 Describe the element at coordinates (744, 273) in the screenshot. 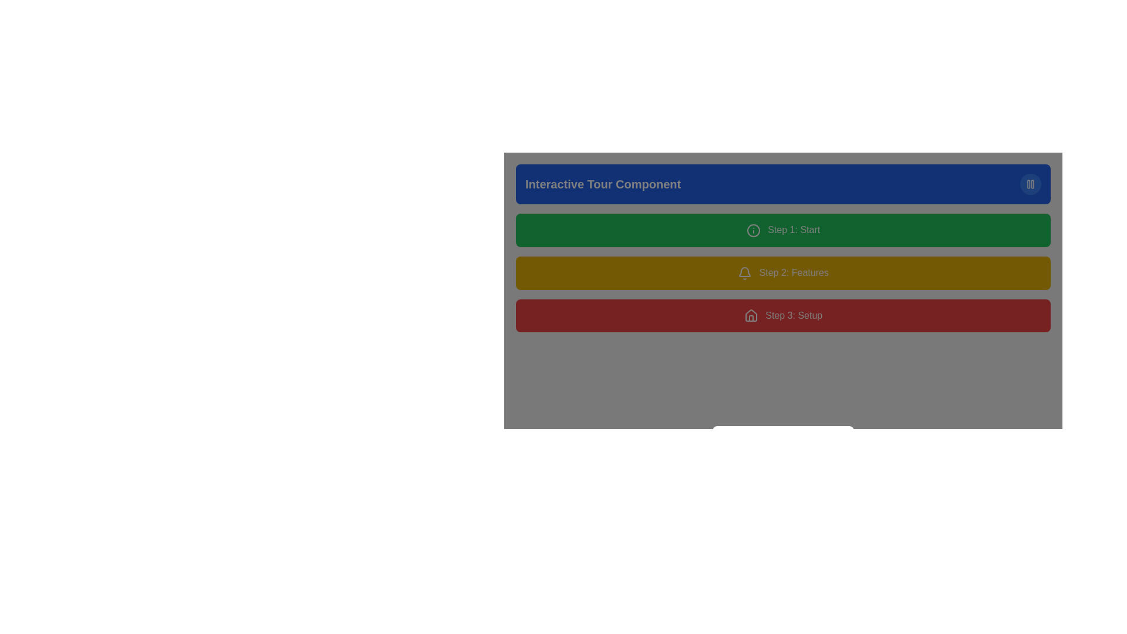

I see `the bell icon indicating notifications for the 'Step 2: Features' section, located in the yellow rectangular block` at that location.